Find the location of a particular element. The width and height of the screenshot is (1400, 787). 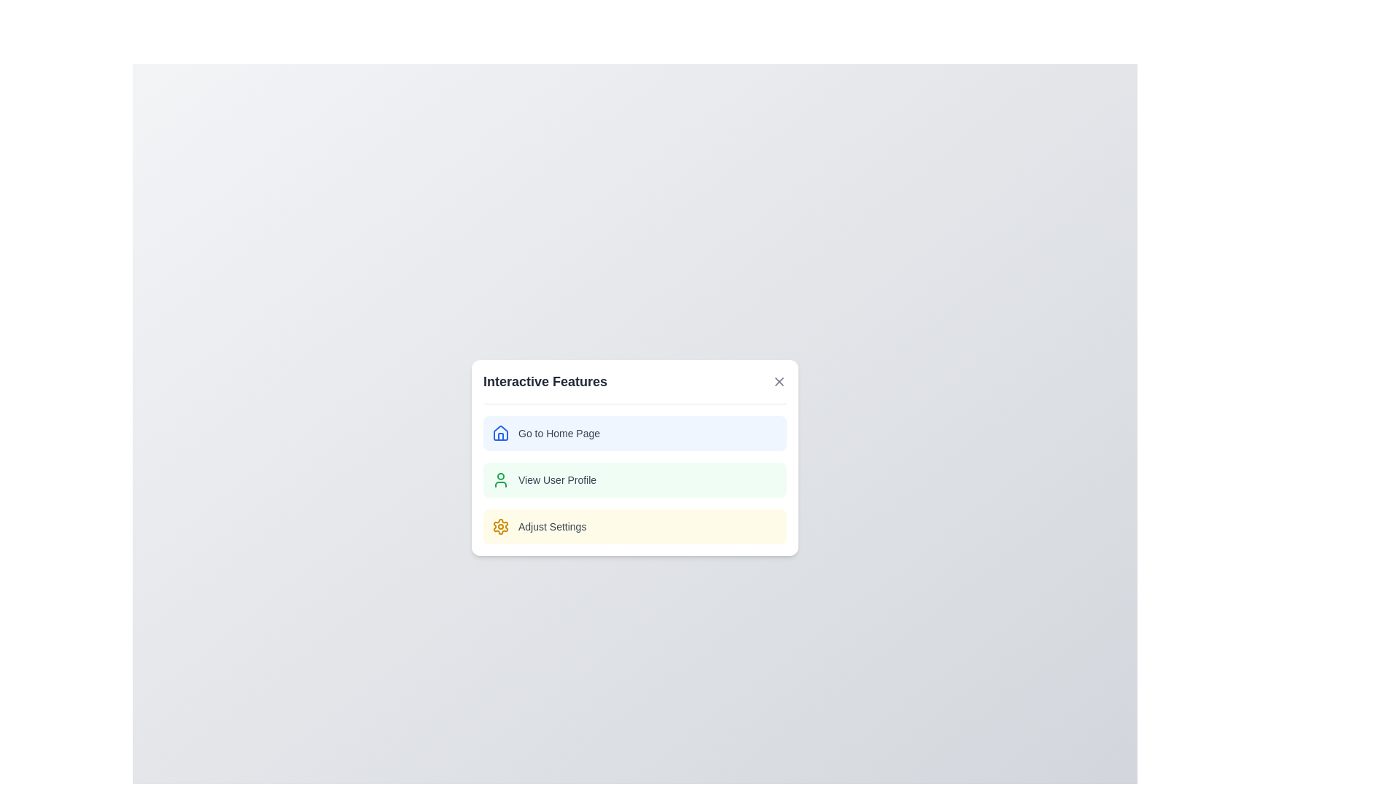

the light green button with rounded edges labeled 'View User Profile' is located at coordinates (634, 479).